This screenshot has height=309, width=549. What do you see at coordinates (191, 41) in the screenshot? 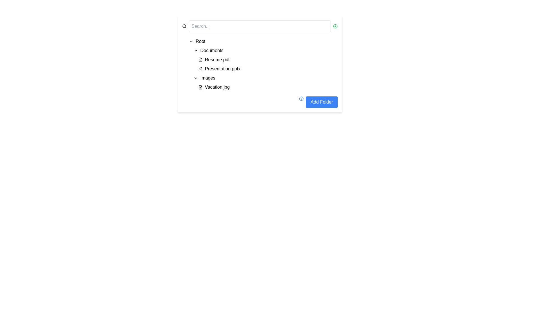
I see `the small downward-pointing chevron icon located before the text label 'Root' in the dropdown interface` at bounding box center [191, 41].